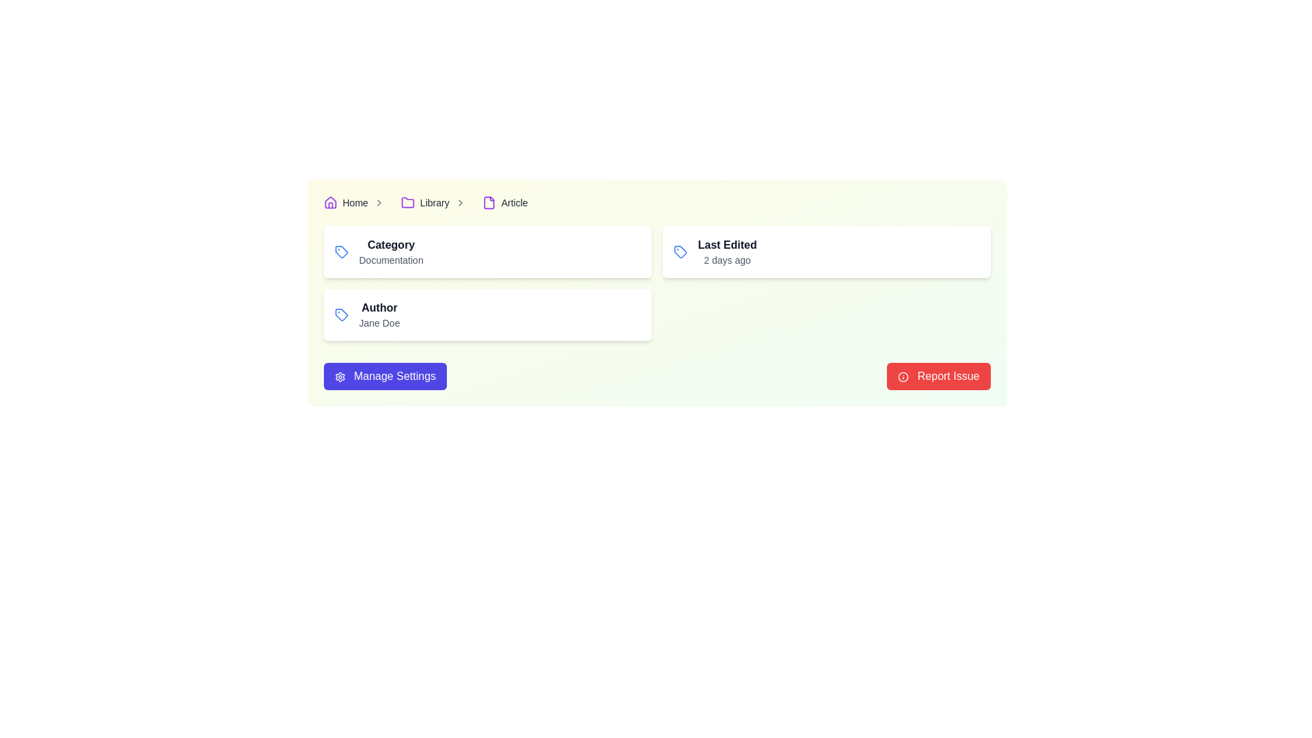 The width and height of the screenshot is (1312, 738). Describe the element at coordinates (680, 252) in the screenshot. I see `the icon located in the 'Category' section next to the 'Documentation' label, which serves as a graphical representation for identification` at that location.